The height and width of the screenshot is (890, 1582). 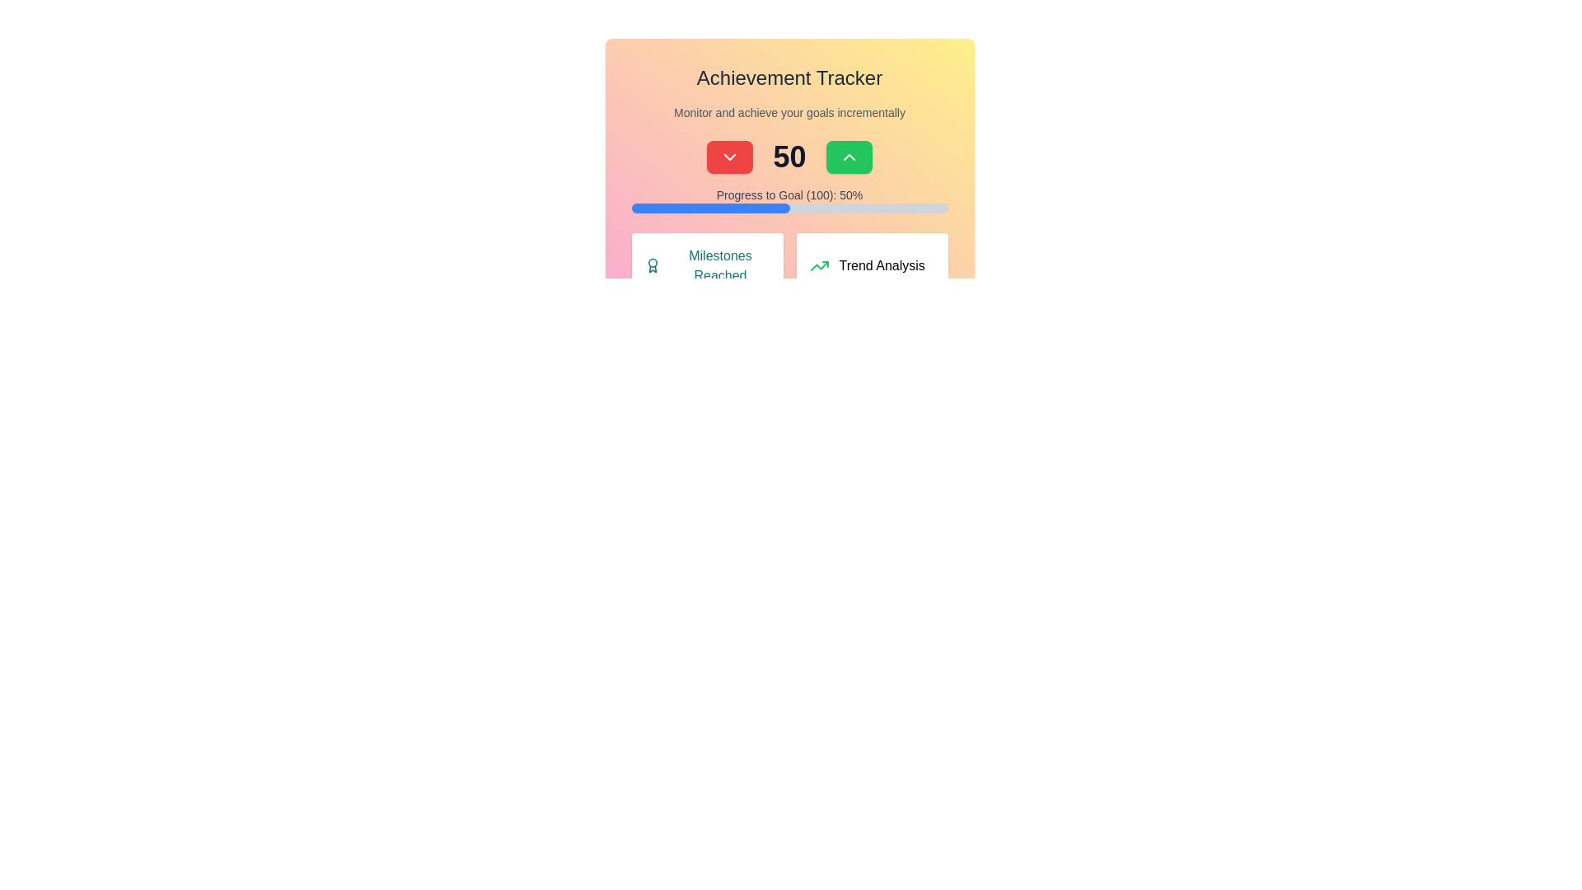 What do you see at coordinates (789, 157) in the screenshot?
I see `the Number Display element showing the bold number '50', which is centrally aligned in a horizontal layout, positioned between a red downward chevron button and a green upward chevron button` at bounding box center [789, 157].